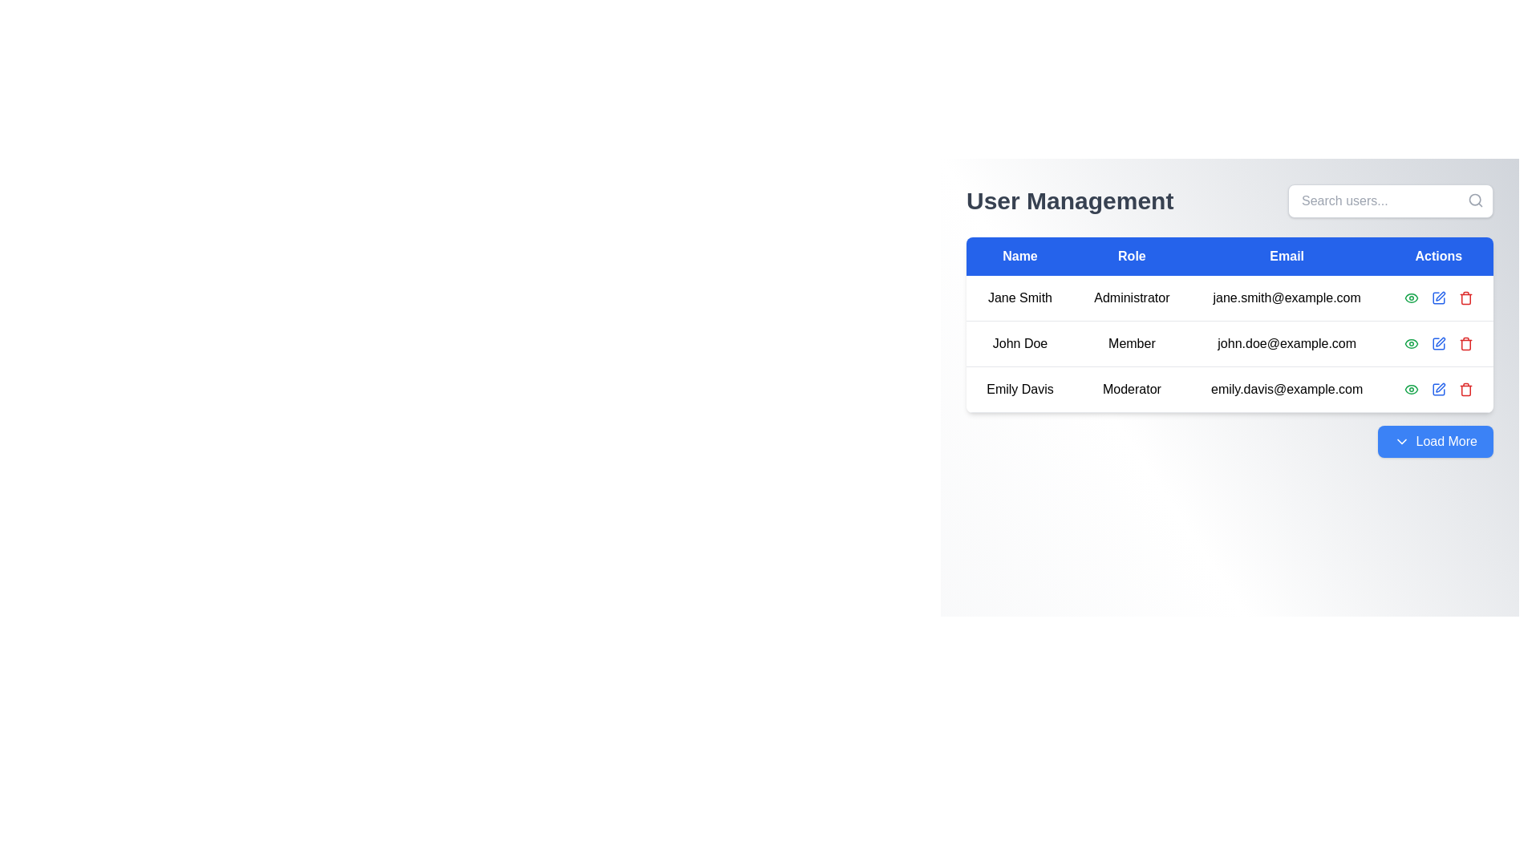 The width and height of the screenshot is (1540, 866). What do you see at coordinates (1465, 342) in the screenshot?
I see `the trash icon located` at bounding box center [1465, 342].